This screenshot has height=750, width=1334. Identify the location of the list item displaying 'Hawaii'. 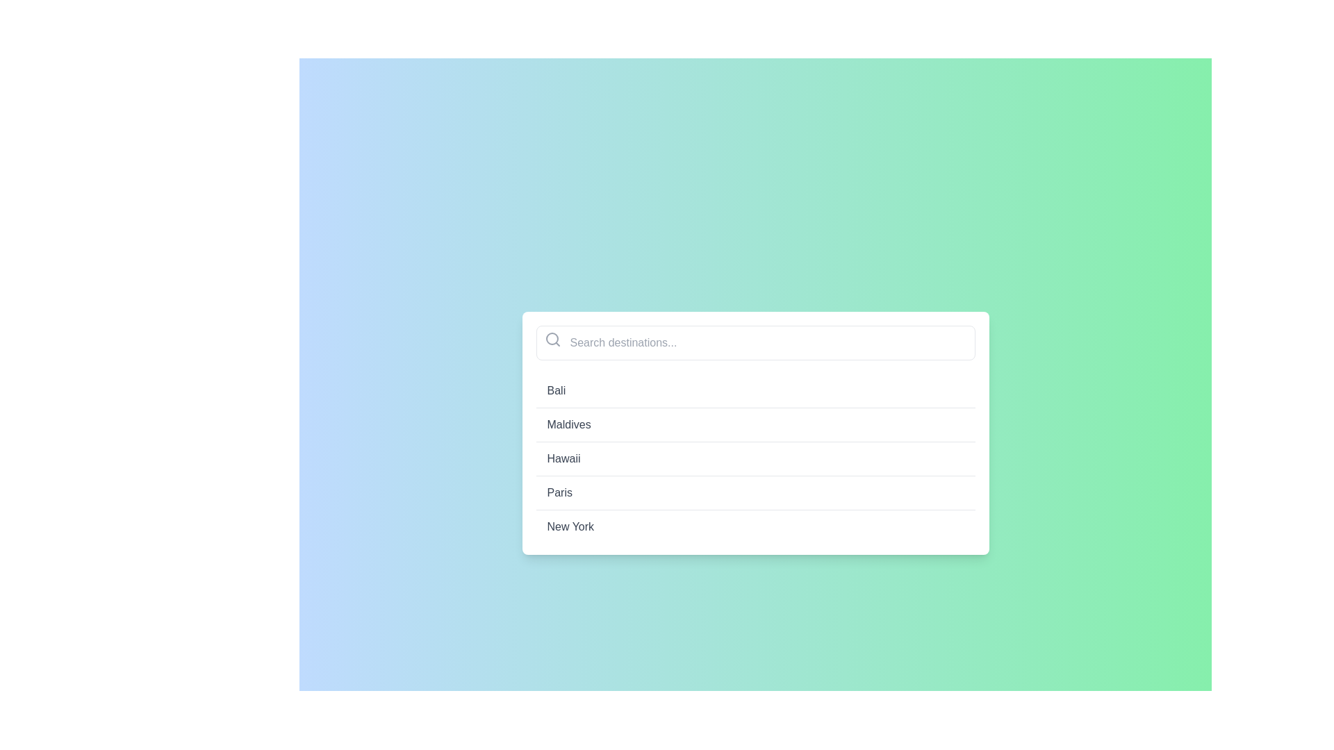
(755, 458).